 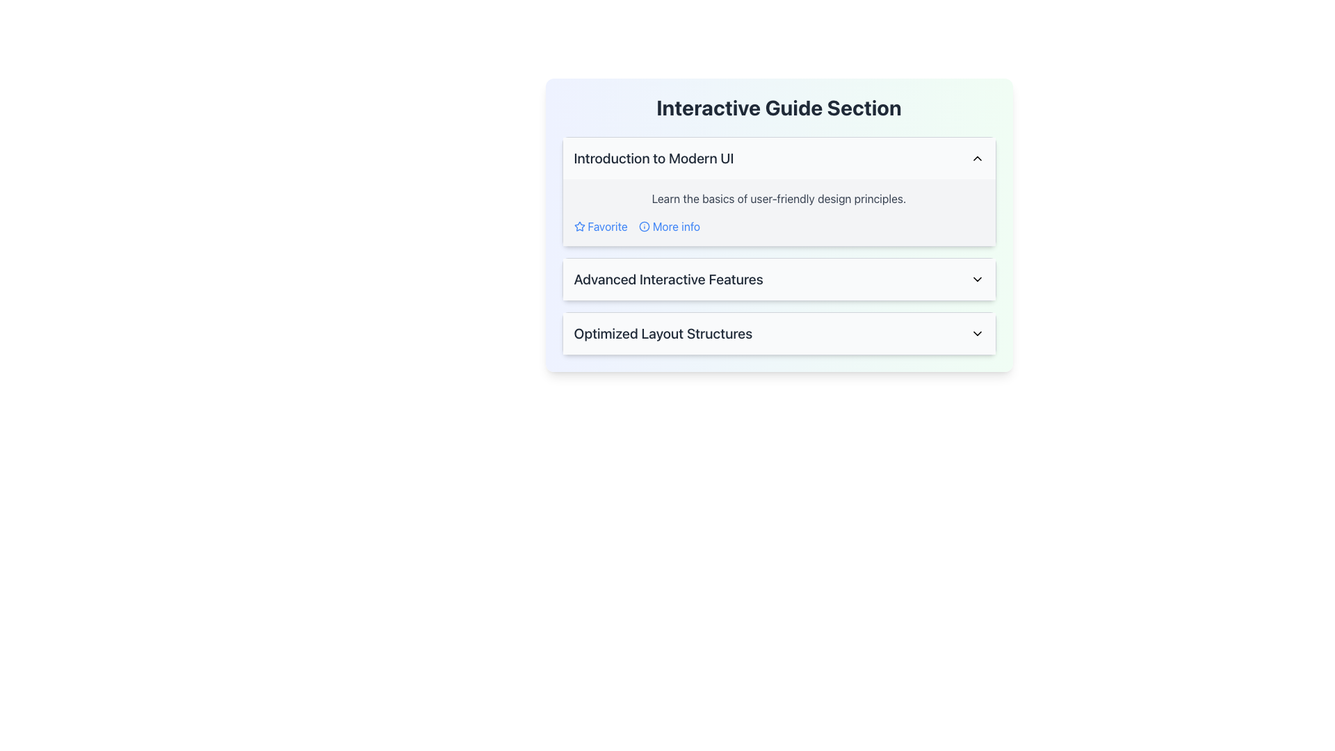 I want to click on the icon located at the right edge of the 'Advanced Interactive Features' section, so click(x=976, y=279).